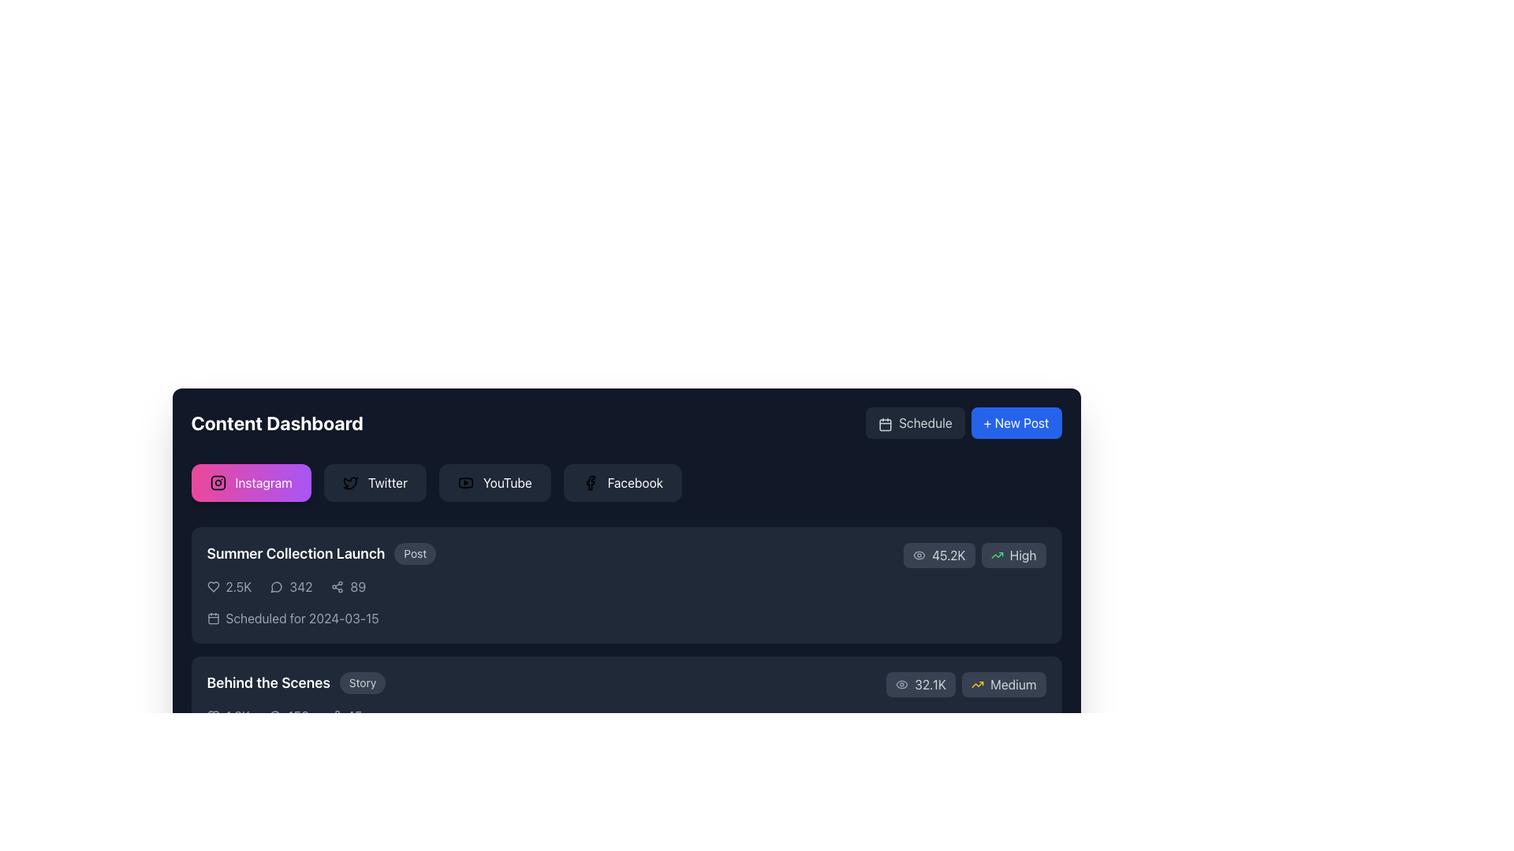 Image resolution: width=1514 pixels, height=851 pixels. What do you see at coordinates (237, 716) in the screenshot?
I see `the static text label displaying '1.8K', which is styled in light-grey, slightly rounded sans-serif typeface and is positioned to the right of a heart icon` at bounding box center [237, 716].